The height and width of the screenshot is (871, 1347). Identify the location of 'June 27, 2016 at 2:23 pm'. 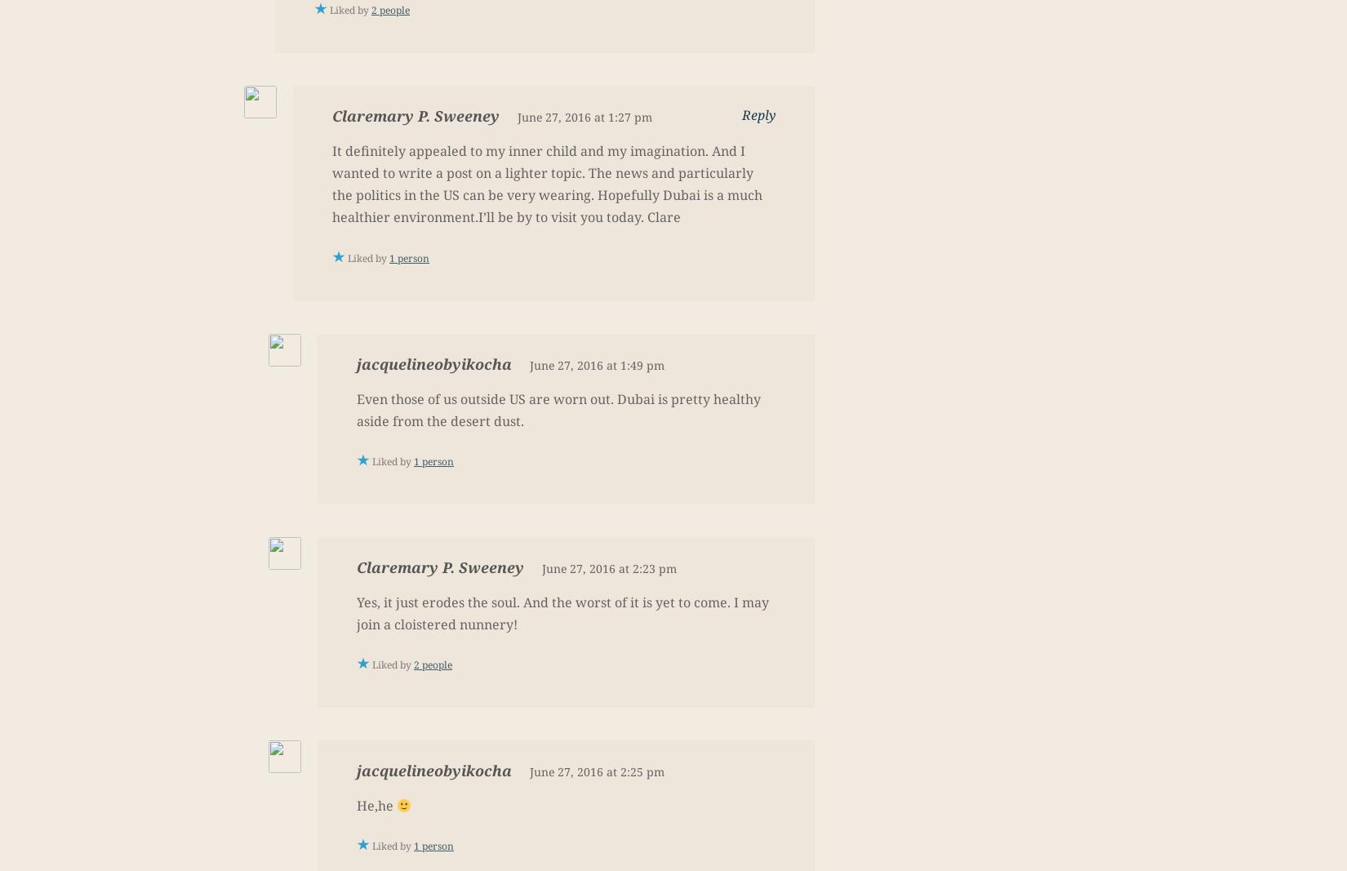
(608, 567).